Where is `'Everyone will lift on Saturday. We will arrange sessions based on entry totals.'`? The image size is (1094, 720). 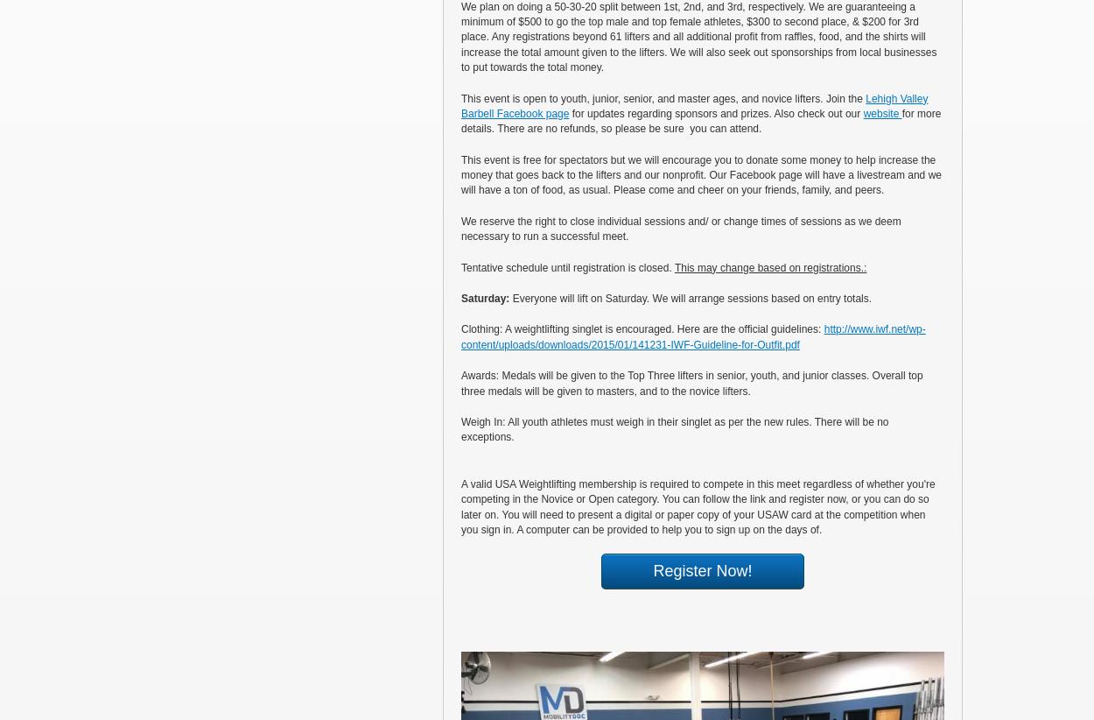 'Everyone will lift on Saturday. We will arrange sessions based on entry totals.' is located at coordinates (691, 297).